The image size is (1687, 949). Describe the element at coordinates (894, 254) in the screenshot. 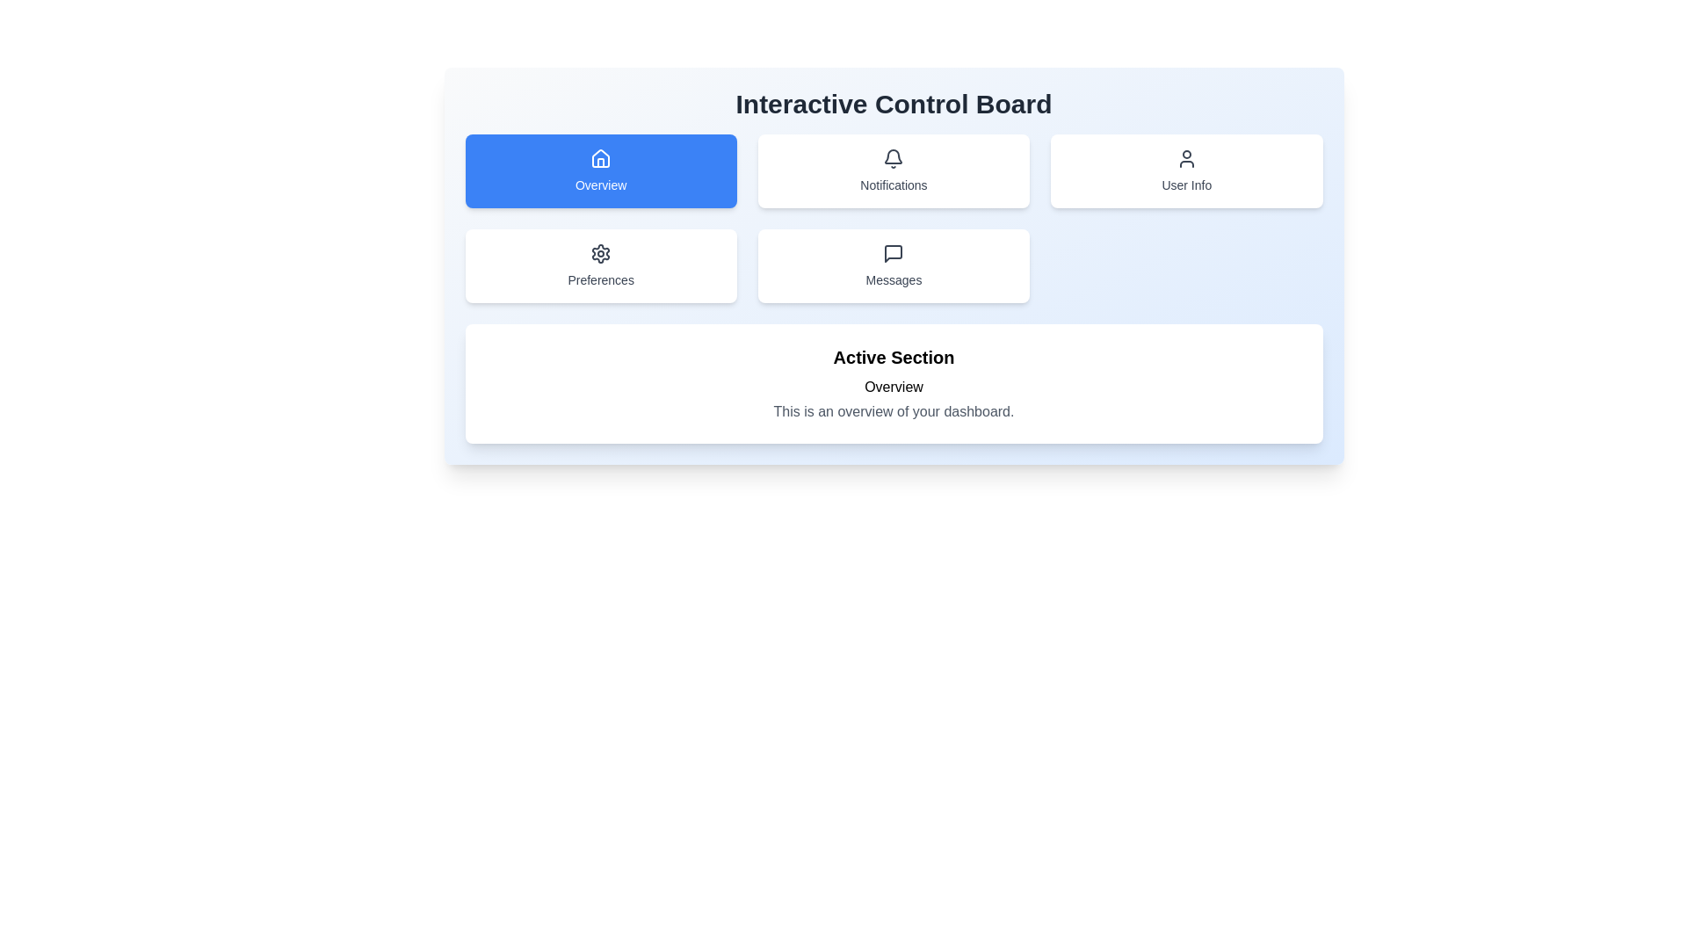

I see `the speech bubble icon in the 'Messages' section of the user dashboard, which is an outline icon with a tail pointing downwards to the left` at that location.